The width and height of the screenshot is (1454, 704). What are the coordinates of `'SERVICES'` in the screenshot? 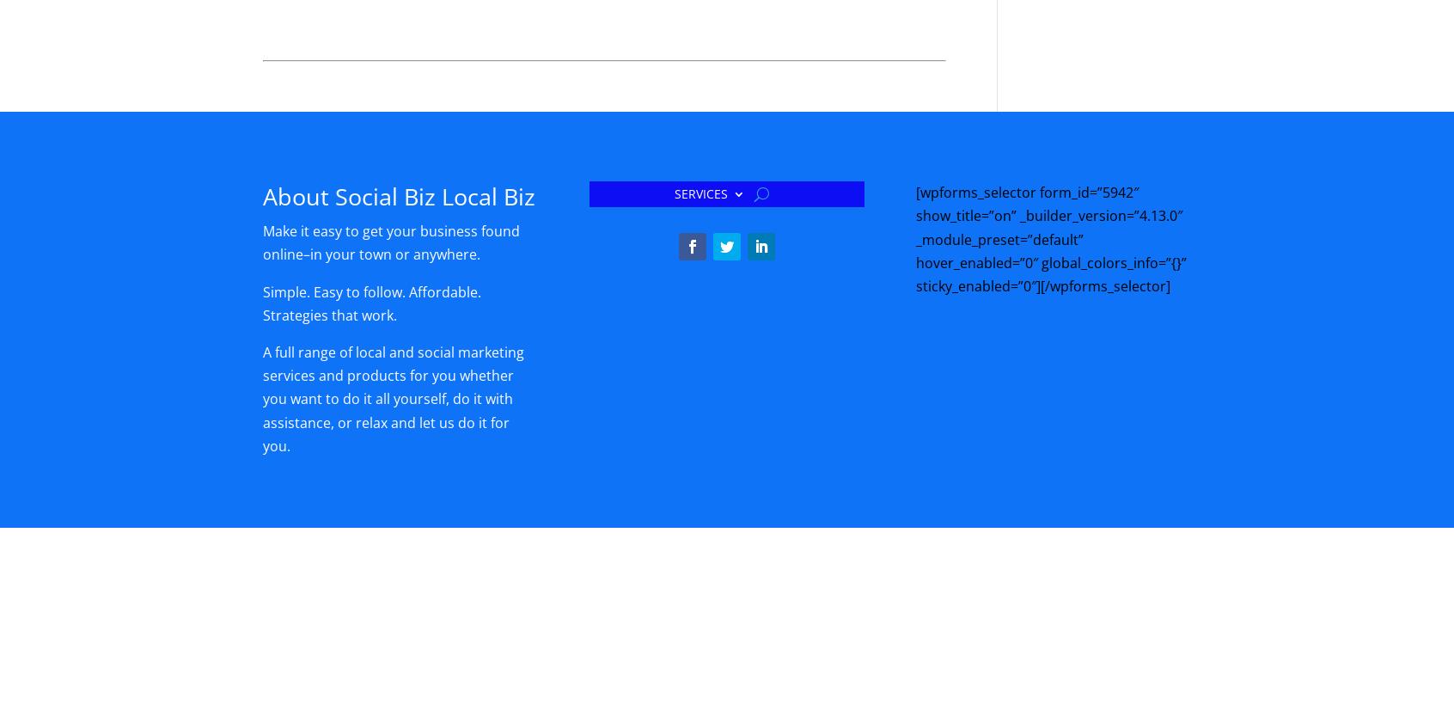 It's located at (674, 193).